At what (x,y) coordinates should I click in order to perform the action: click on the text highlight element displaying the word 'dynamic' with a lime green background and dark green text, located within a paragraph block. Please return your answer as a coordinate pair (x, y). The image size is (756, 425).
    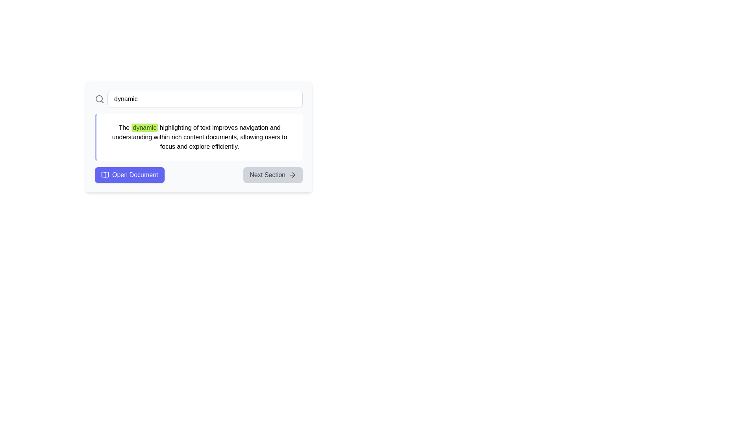
    Looking at the image, I should click on (145, 127).